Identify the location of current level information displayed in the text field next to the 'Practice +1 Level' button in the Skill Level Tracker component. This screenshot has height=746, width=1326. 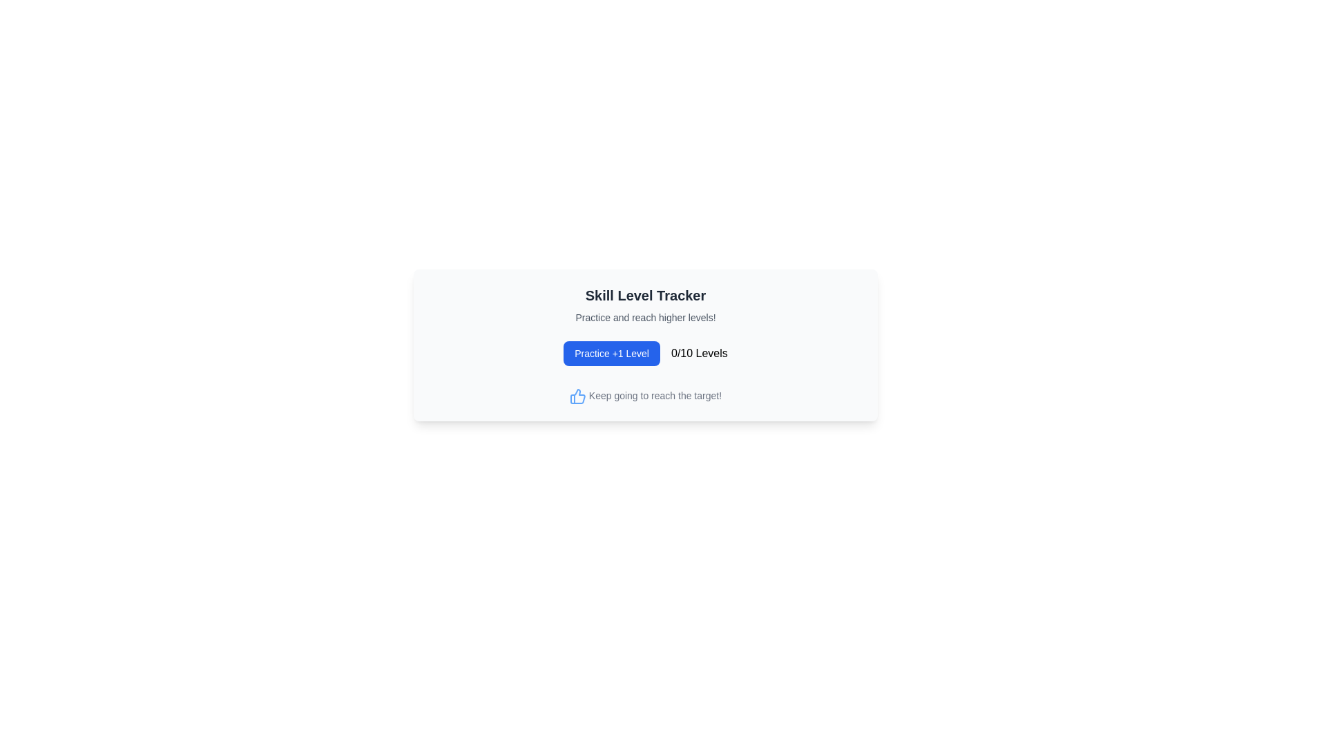
(645, 353).